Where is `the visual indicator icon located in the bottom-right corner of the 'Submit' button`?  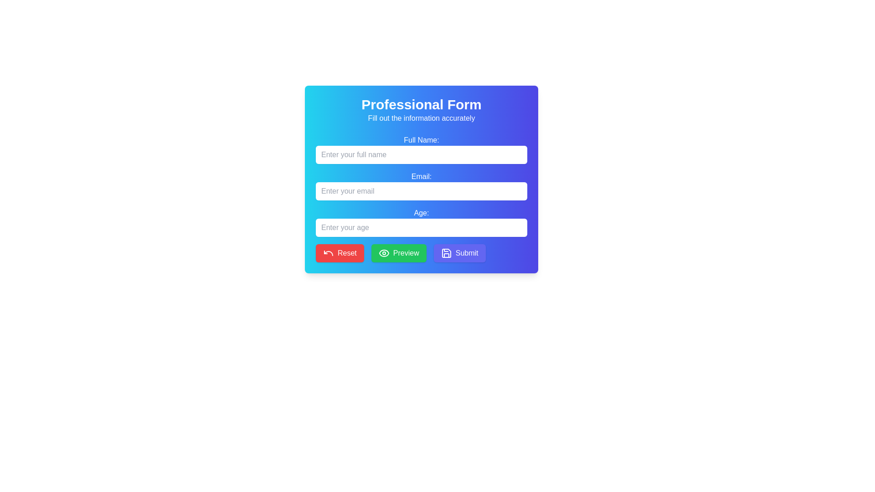
the visual indicator icon located in the bottom-right corner of the 'Submit' button is located at coordinates (446, 253).